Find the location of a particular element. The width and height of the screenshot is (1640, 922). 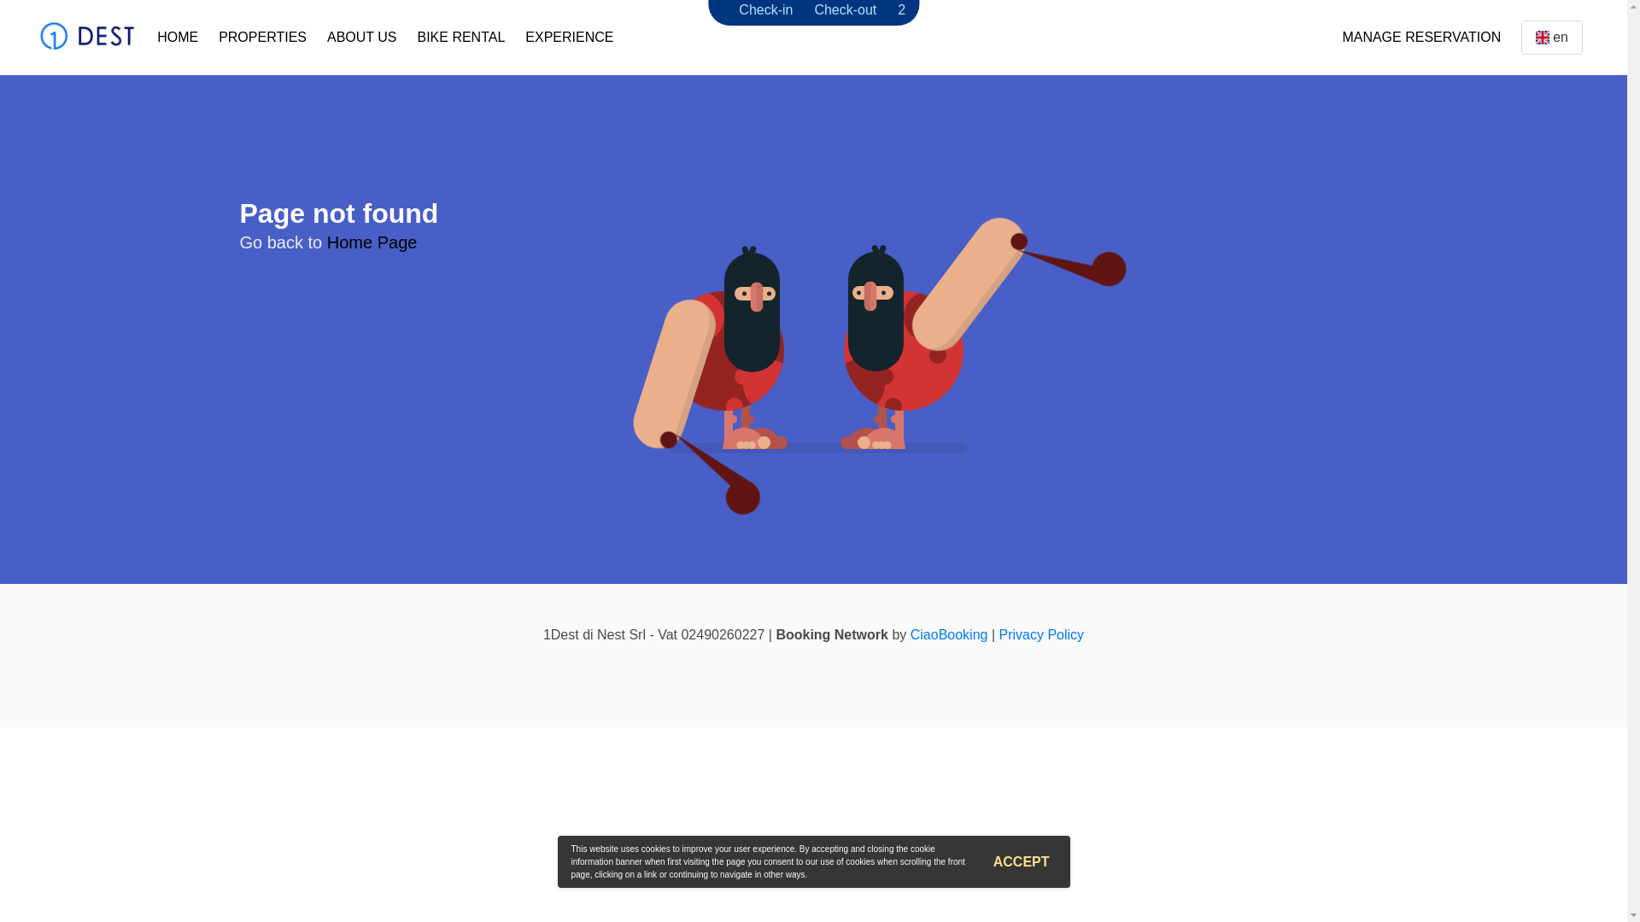

'EXPERIENCE' is located at coordinates (569, 37).